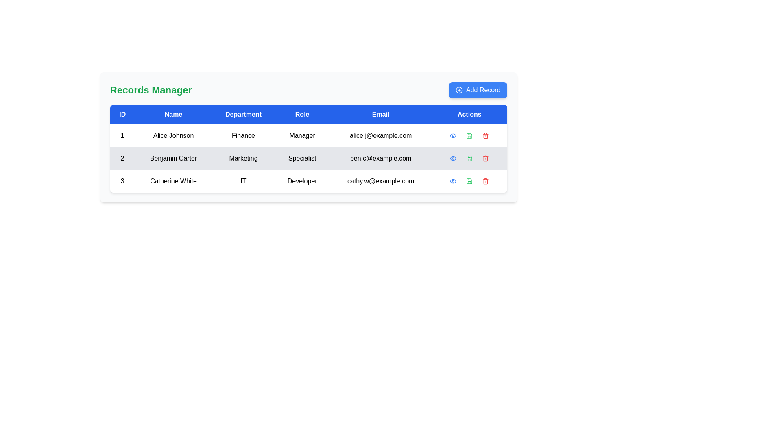 The height and width of the screenshot is (439, 781). I want to click on the 'Department' text label for the user record 'Alice Johnson' located in the third column of the first row of the main table, so click(243, 135).